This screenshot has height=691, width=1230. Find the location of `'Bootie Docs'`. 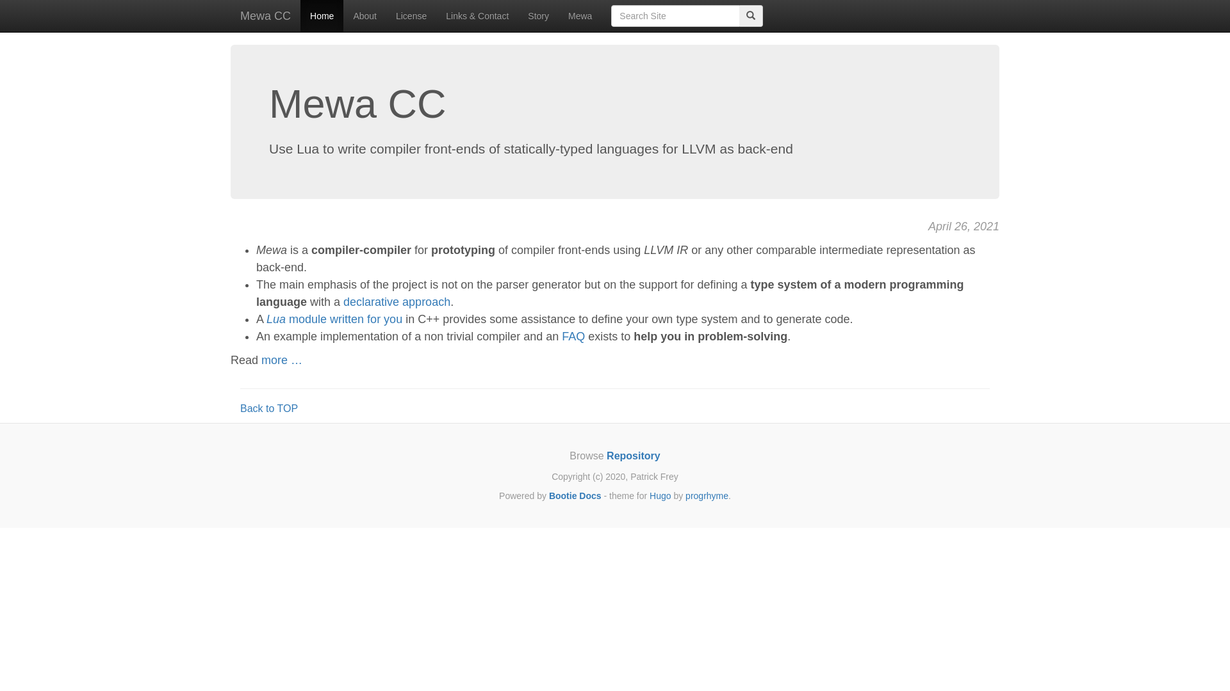

'Bootie Docs' is located at coordinates (549, 495).